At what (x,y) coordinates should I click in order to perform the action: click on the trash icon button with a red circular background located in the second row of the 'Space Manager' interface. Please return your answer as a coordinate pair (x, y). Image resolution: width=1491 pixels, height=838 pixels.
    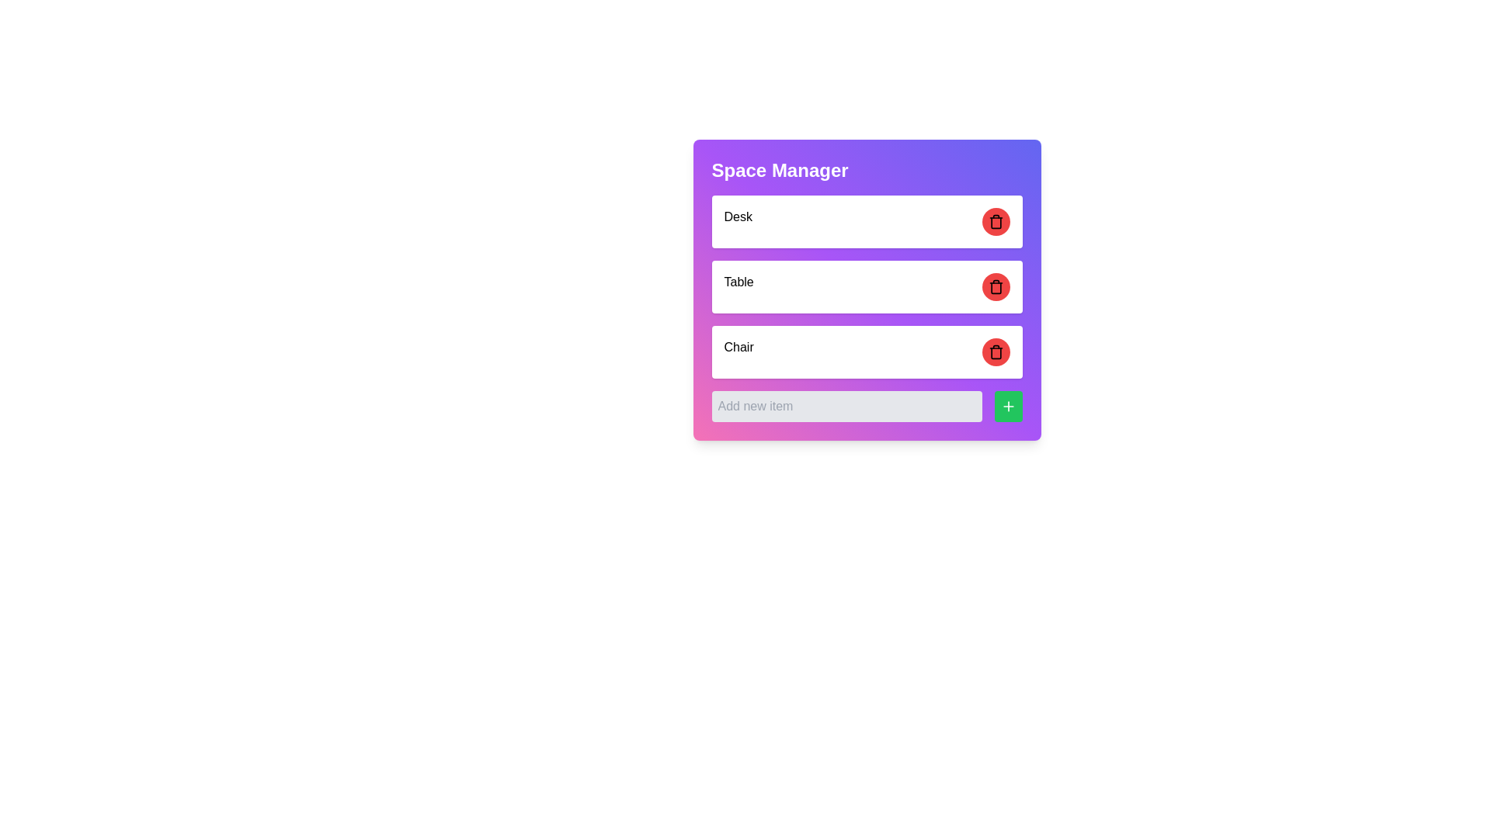
    Looking at the image, I should click on (996, 221).